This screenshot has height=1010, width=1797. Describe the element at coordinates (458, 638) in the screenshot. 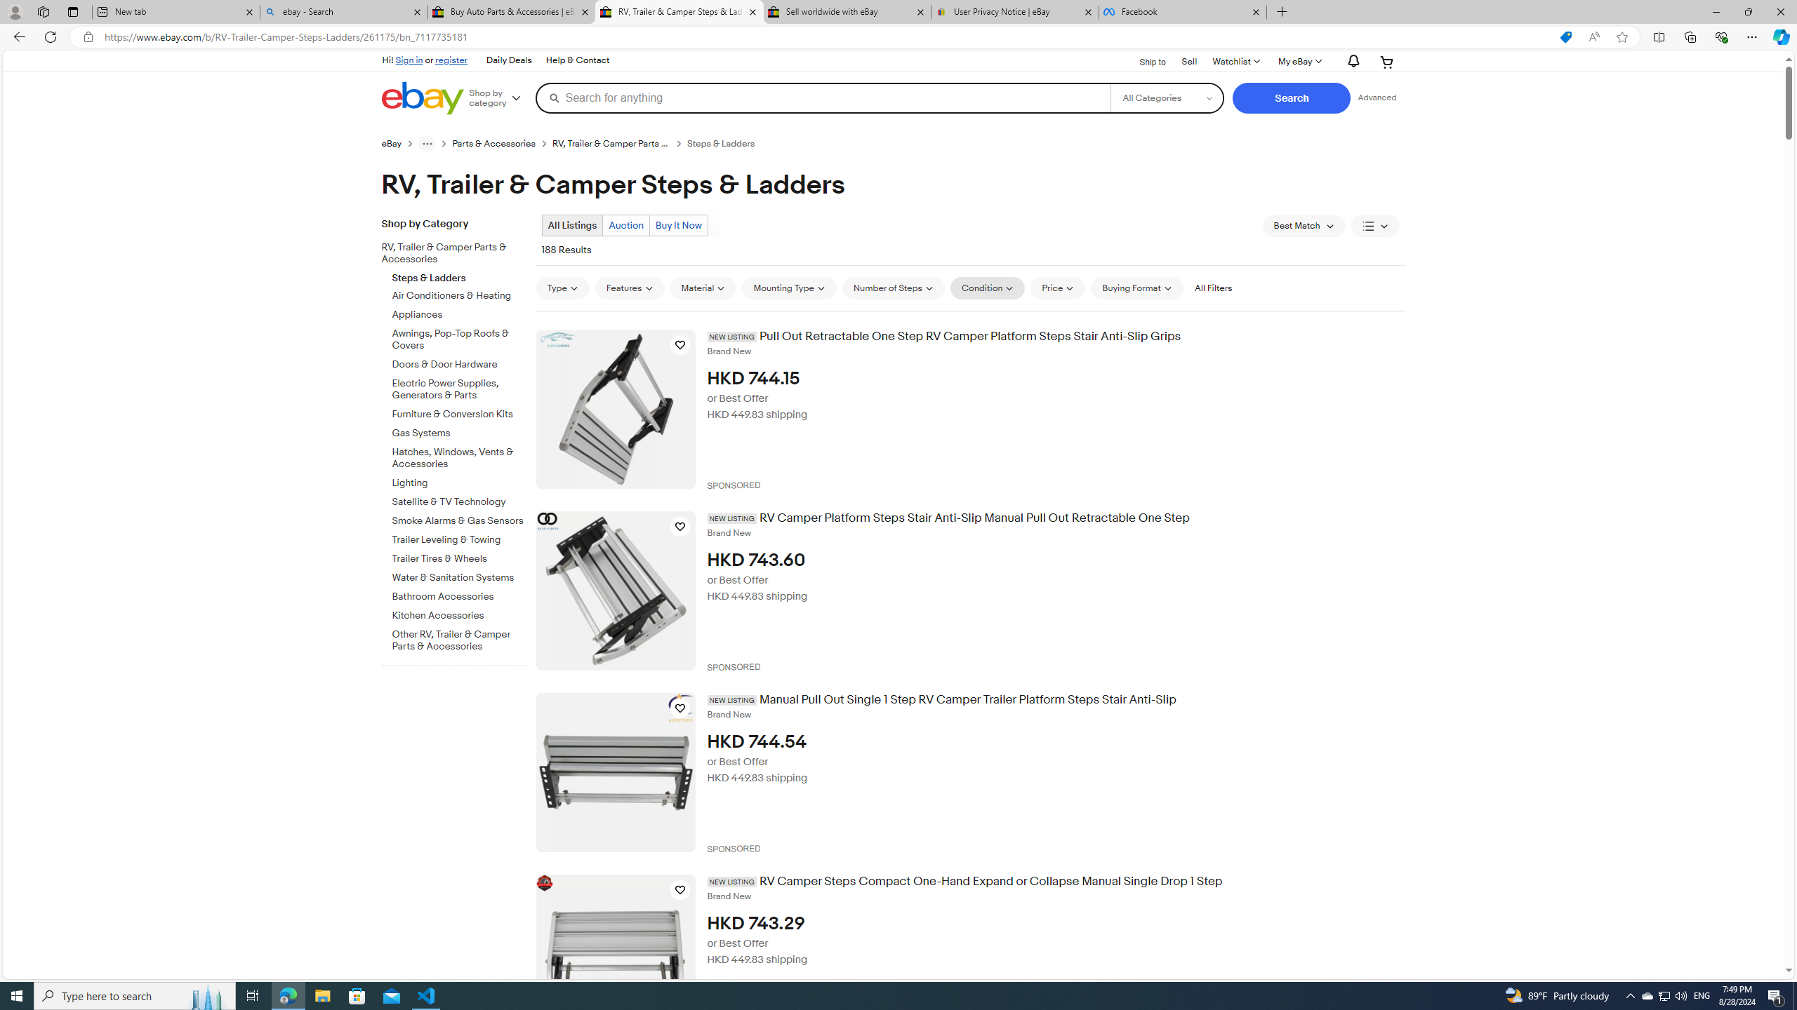

I see `'Other RV, Trailer & Camper Parts & Accessories'` at that location.